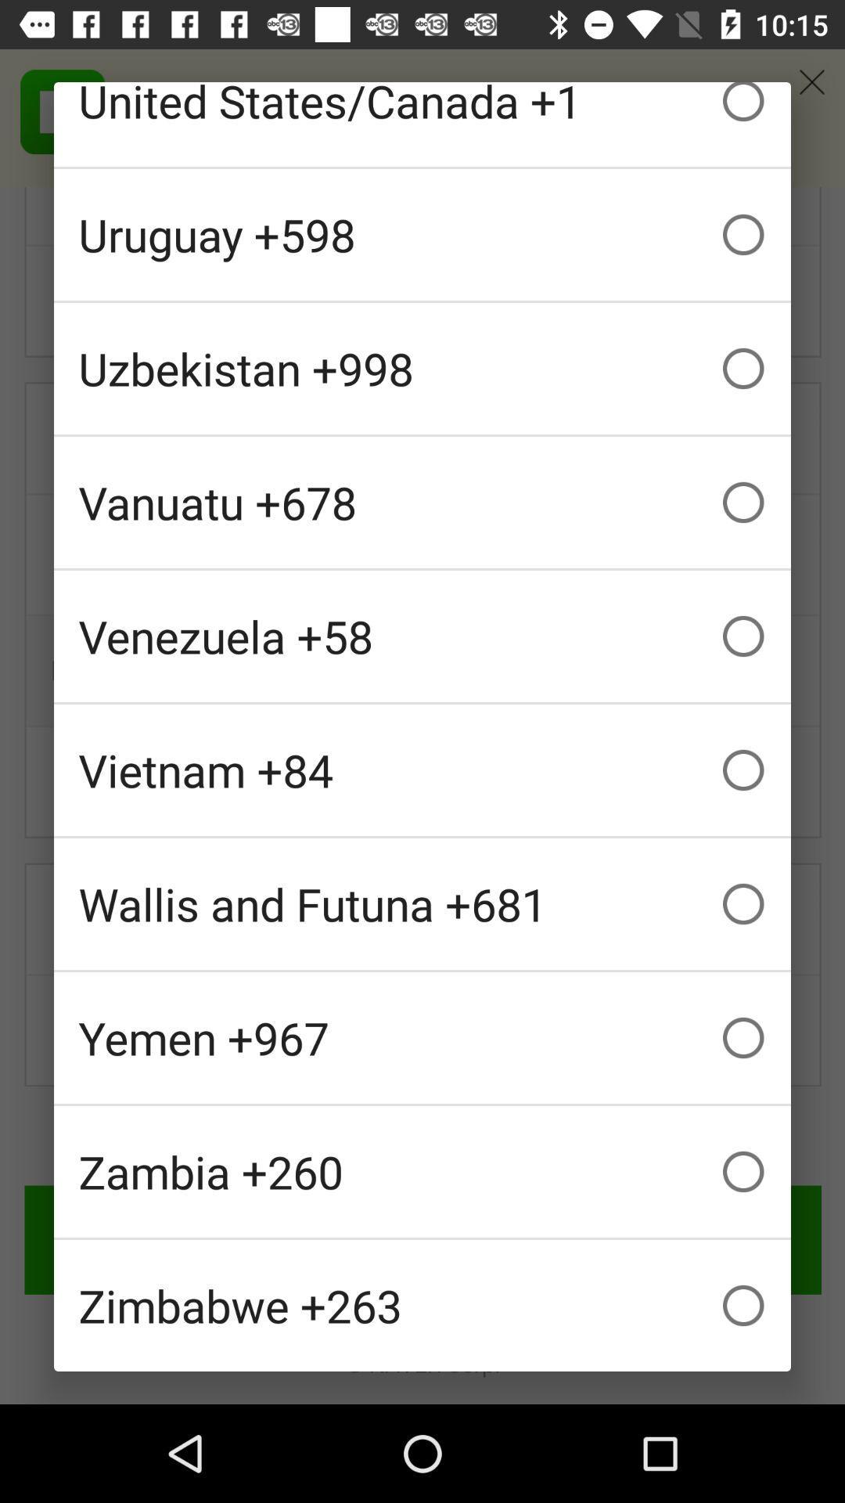 This screenshot has height=1503, width=845. Describe the element at coordinates (422, 503) in the screenshot. I see `the icon below uzbekistan +998` at that location.